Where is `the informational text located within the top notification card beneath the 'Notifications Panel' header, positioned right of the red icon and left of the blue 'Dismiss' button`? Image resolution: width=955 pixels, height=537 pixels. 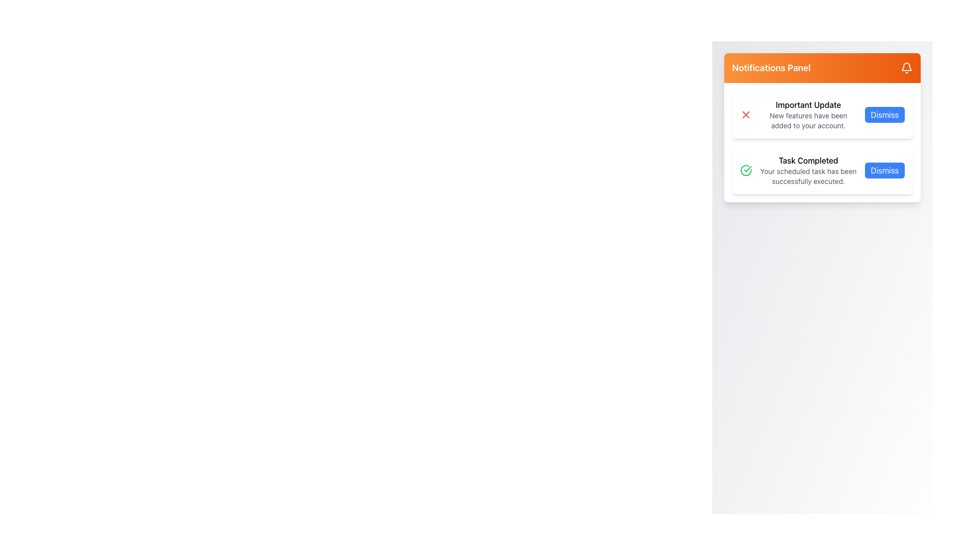 the informational text located within the top notification card beneath the 'Notifications Panel' header, positioned right of the red icon and left of the blue 'Dismiss' button is located at coordinates (808, 114).